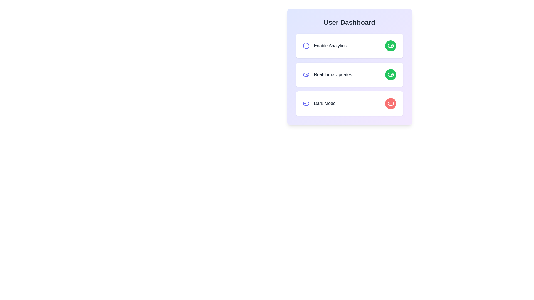  I want to click on the 'Dark Mode' toggle icon located in the third row of options within the User Dashboard interface, so click(390, 104).